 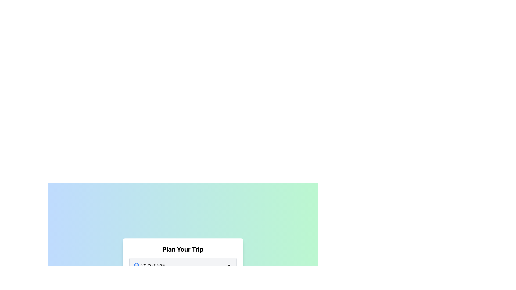 What do you see at coordinates (136, 265) in the screenshot?
I see `the blue calendar icon located to the left of the date label '2023-12-25' to associate it with its context` at bounding box center [136, 265].